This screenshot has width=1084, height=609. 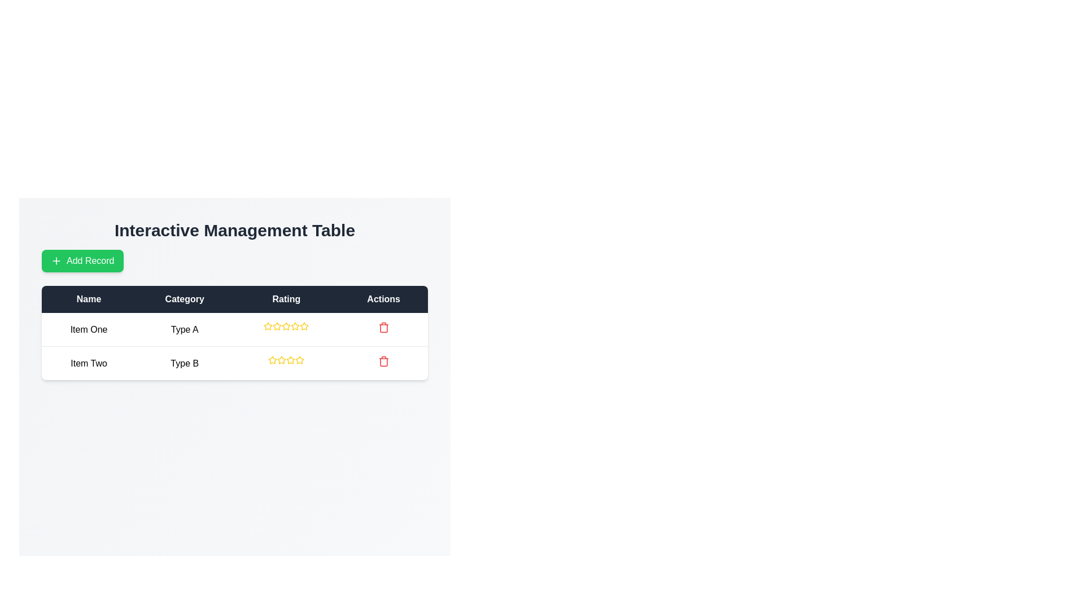 What do you see at coordinates (56, 261) in the screenshot?
I see `the green plus icon within the 'Add Record' button located in the top-left section of the layout` at bounding box center [56, 261].